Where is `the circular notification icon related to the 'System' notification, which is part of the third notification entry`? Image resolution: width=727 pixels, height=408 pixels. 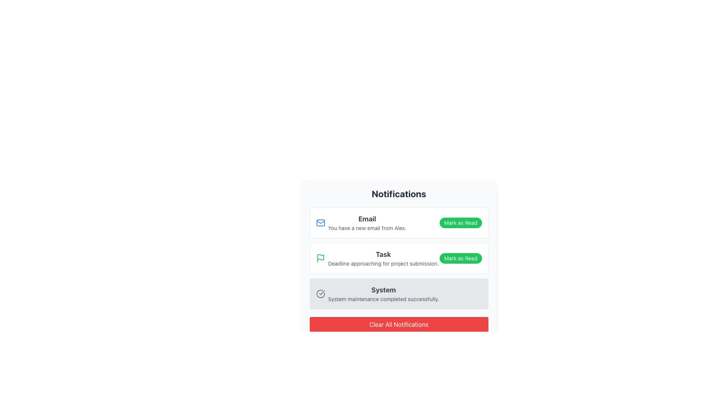 the circular notification icon related to the 'System' notification, which is part of the third notification entry is located at coordinates (320, 294).